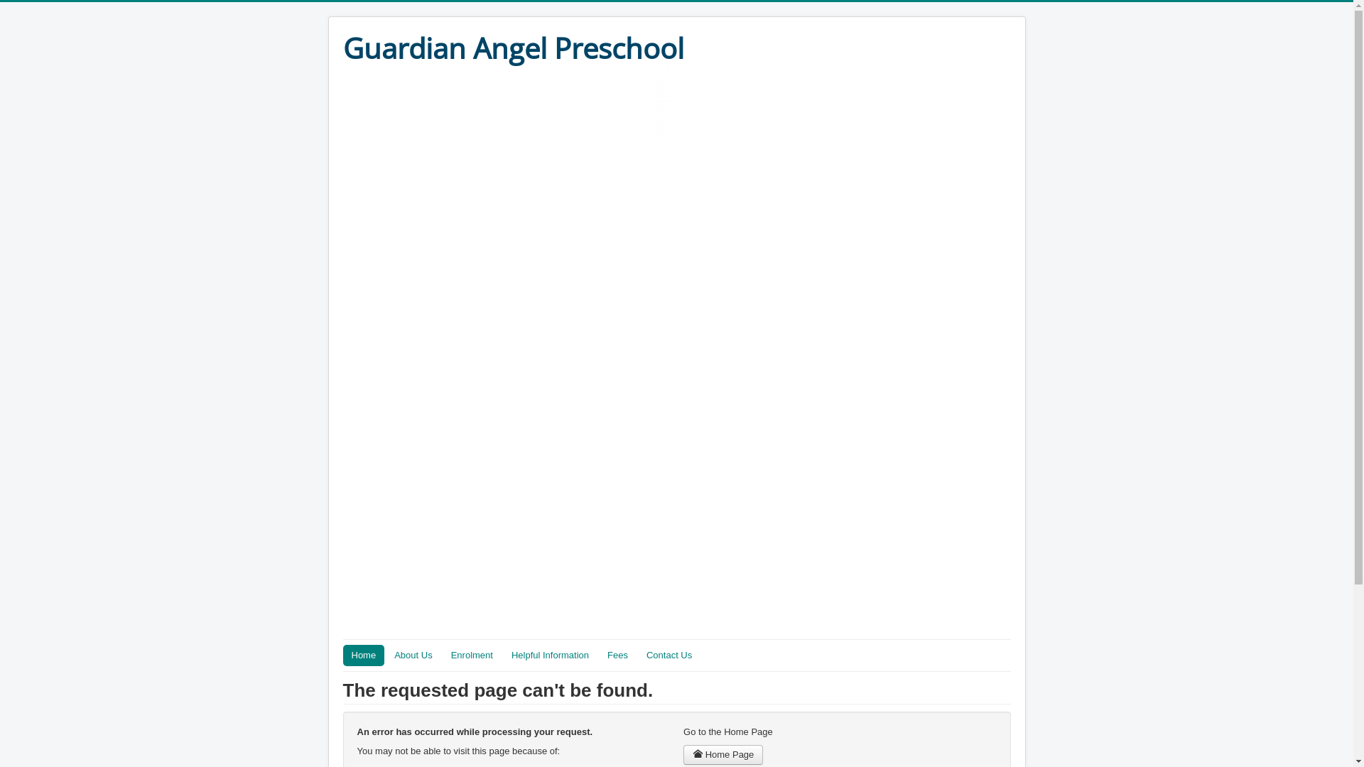  Describe the element at coordinates (617, 655) in the screenshot. I see `'Fees'` at that location.